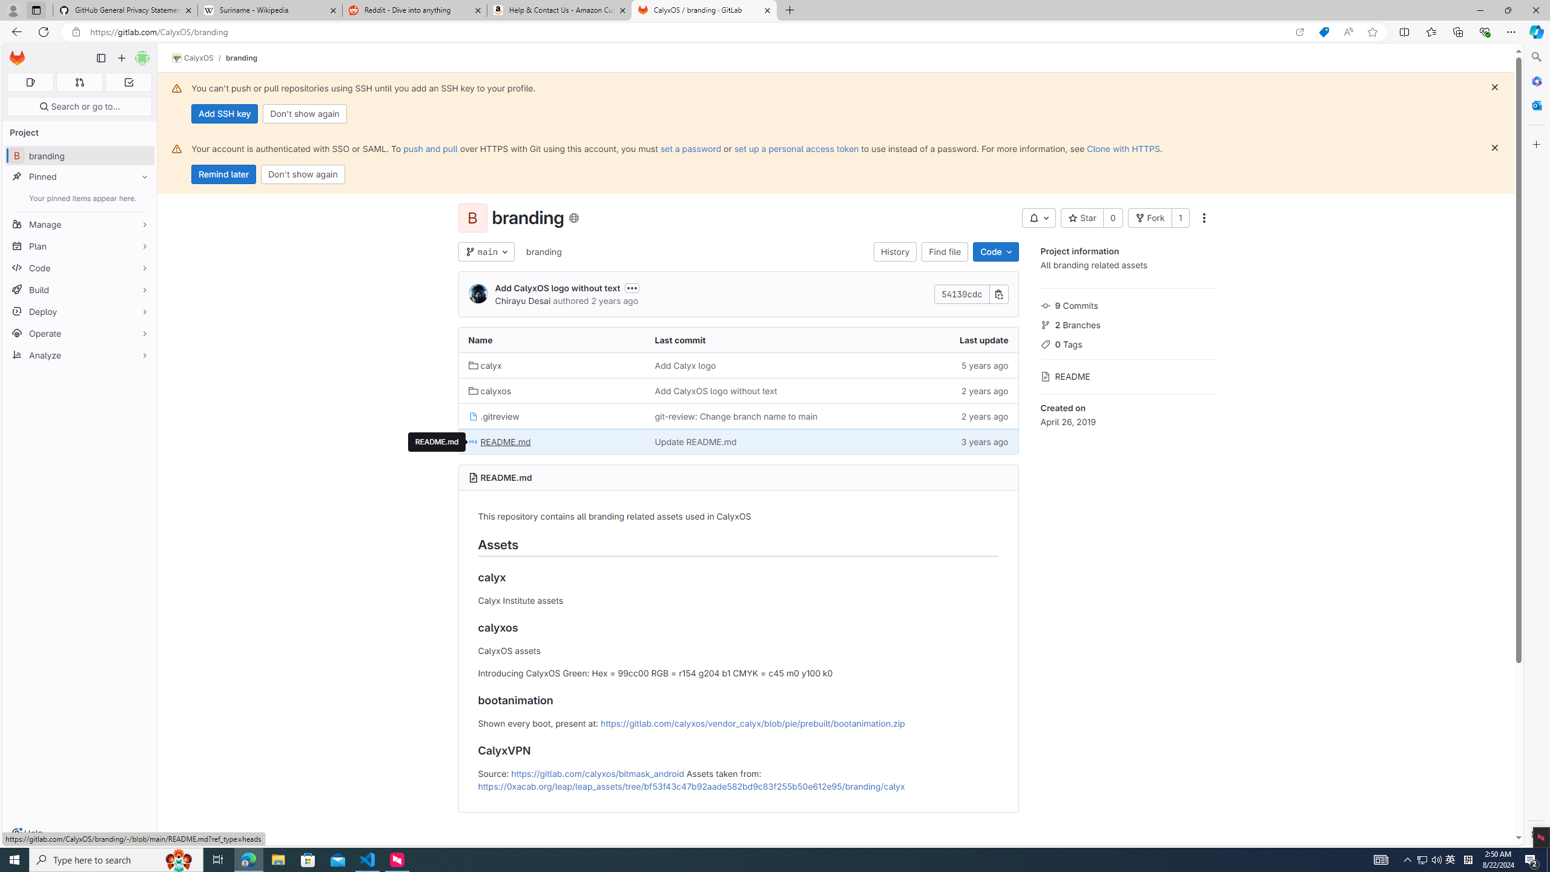 The height and width of the screenshot is (872, 1550). Describe the element at coordinates (224, 113) in the screenshot. I see `'Add SSH key'` at that location.